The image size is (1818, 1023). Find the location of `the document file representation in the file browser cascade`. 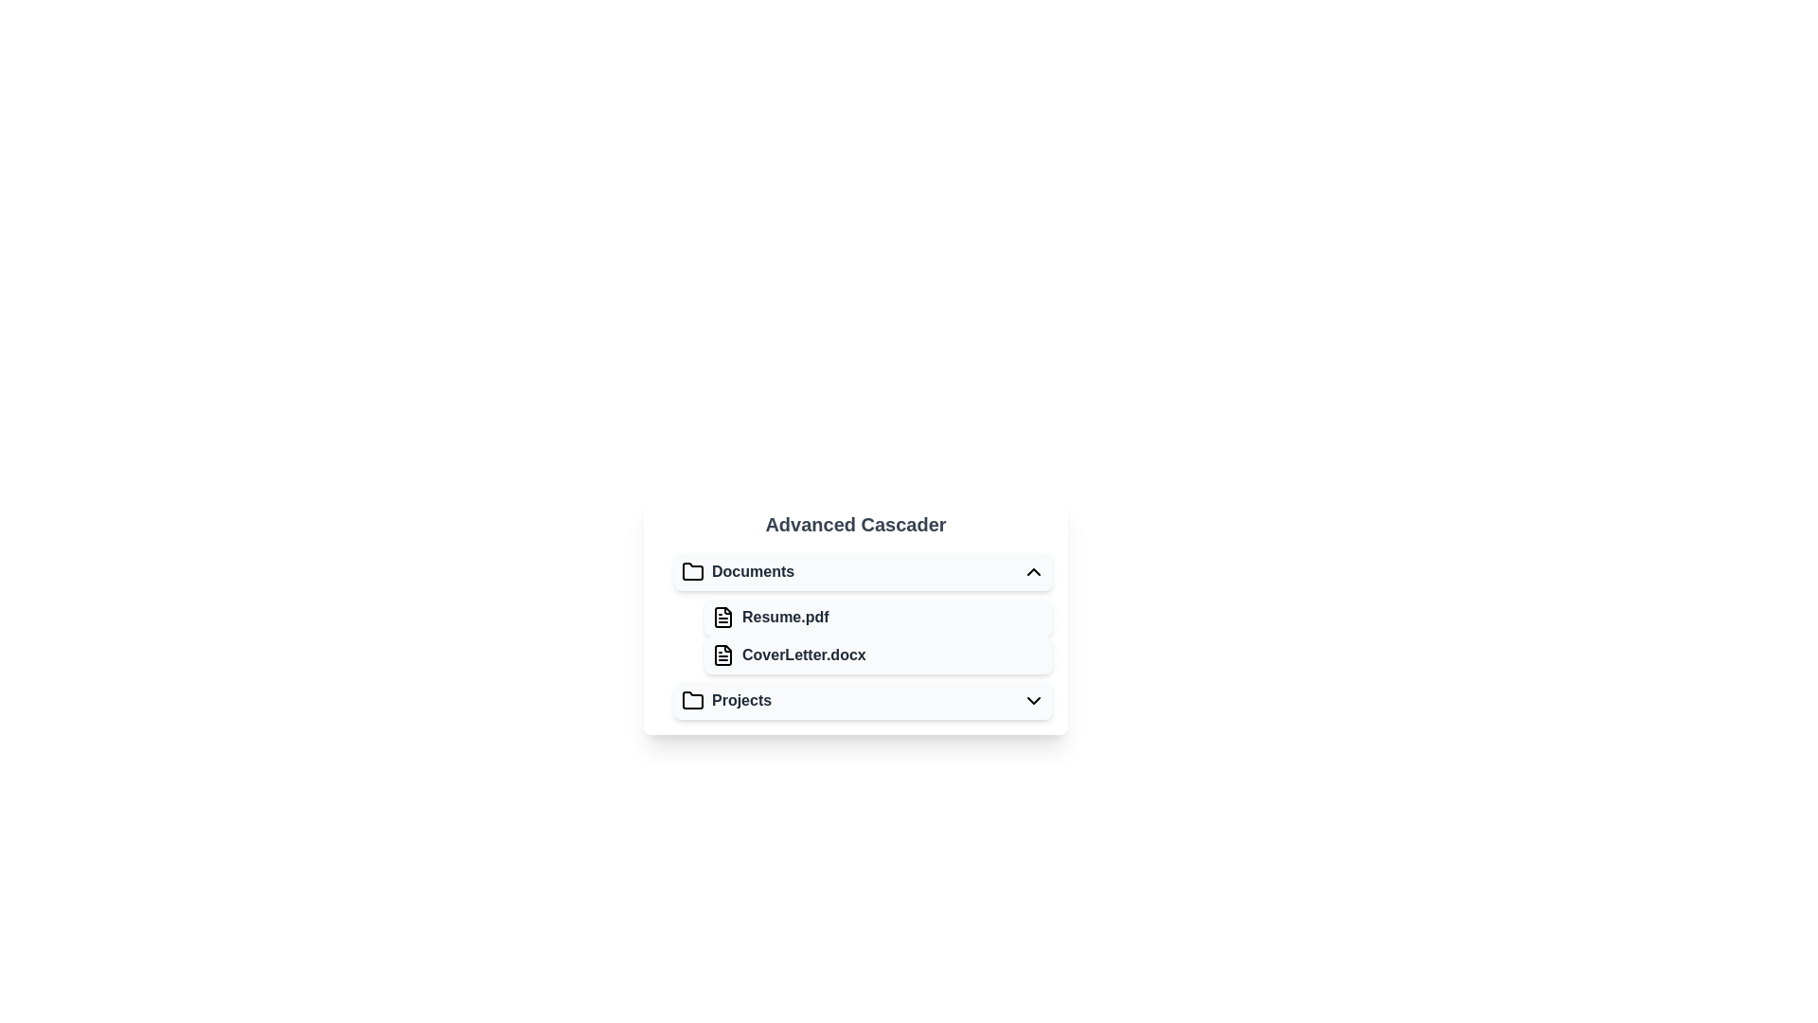

the document file representation in the file browser cascade is located at coordinates (789, 654).